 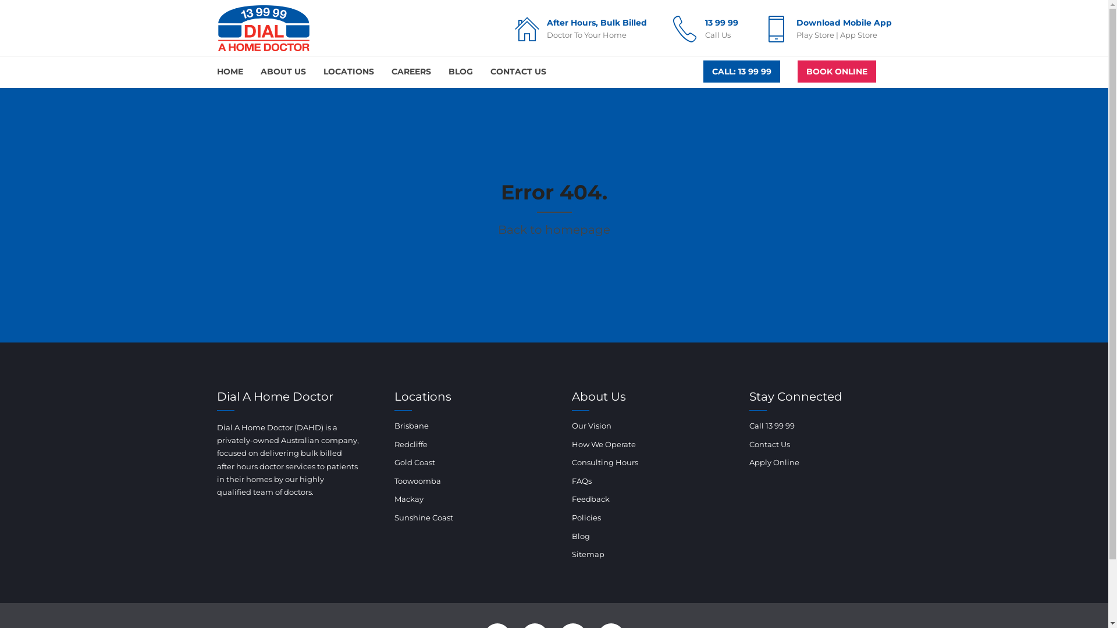 What do you see at coordinates (517, 72) in the screenshot?
I see `'CONTACT US'` at bounding box center [517, 72].